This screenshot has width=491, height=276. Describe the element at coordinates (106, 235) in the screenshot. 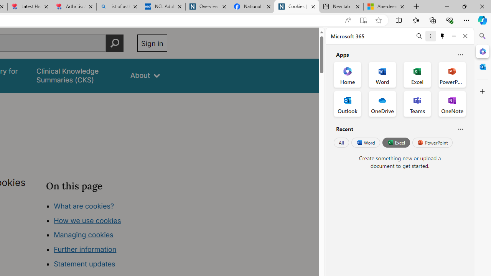

I see `'Class: in-page-nav__list'` at that location.